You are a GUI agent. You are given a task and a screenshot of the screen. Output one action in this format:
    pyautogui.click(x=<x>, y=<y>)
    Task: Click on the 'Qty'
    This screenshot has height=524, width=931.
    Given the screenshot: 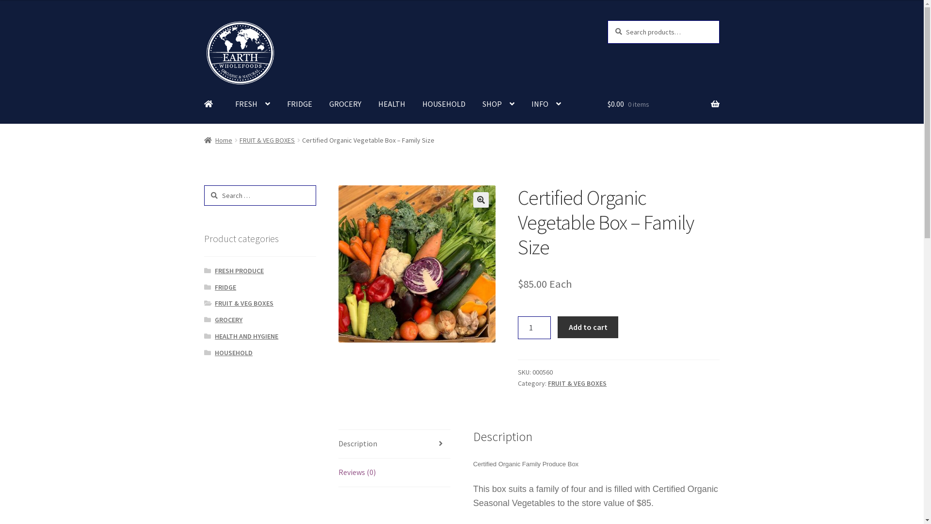 What is the action you would take?
    pyautogui.click(x=534, y=327)
    